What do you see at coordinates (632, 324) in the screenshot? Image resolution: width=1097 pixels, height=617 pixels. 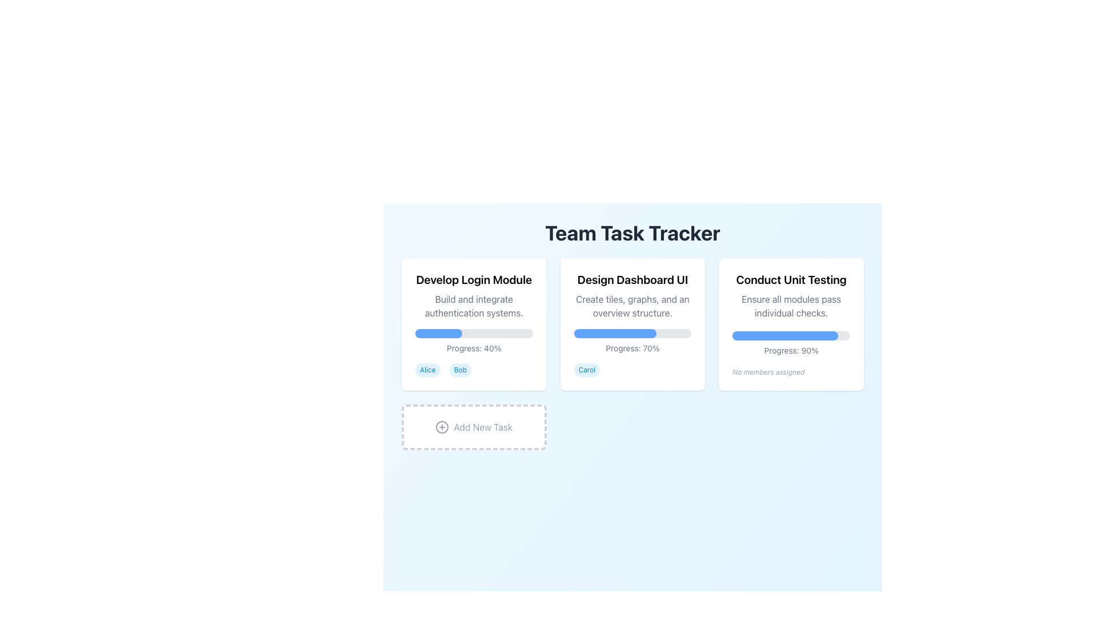 I see `the task card representing a project with summarized information, located under the 'Team Task Tracker' header` at bounding box center [632, 324].